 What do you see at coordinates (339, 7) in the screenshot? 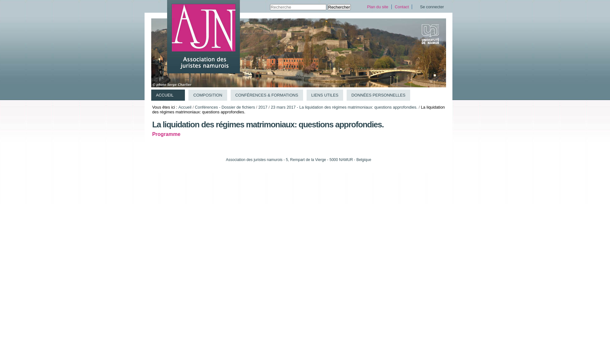
I see `'Rechercher'` at bounding box center [339, 7].